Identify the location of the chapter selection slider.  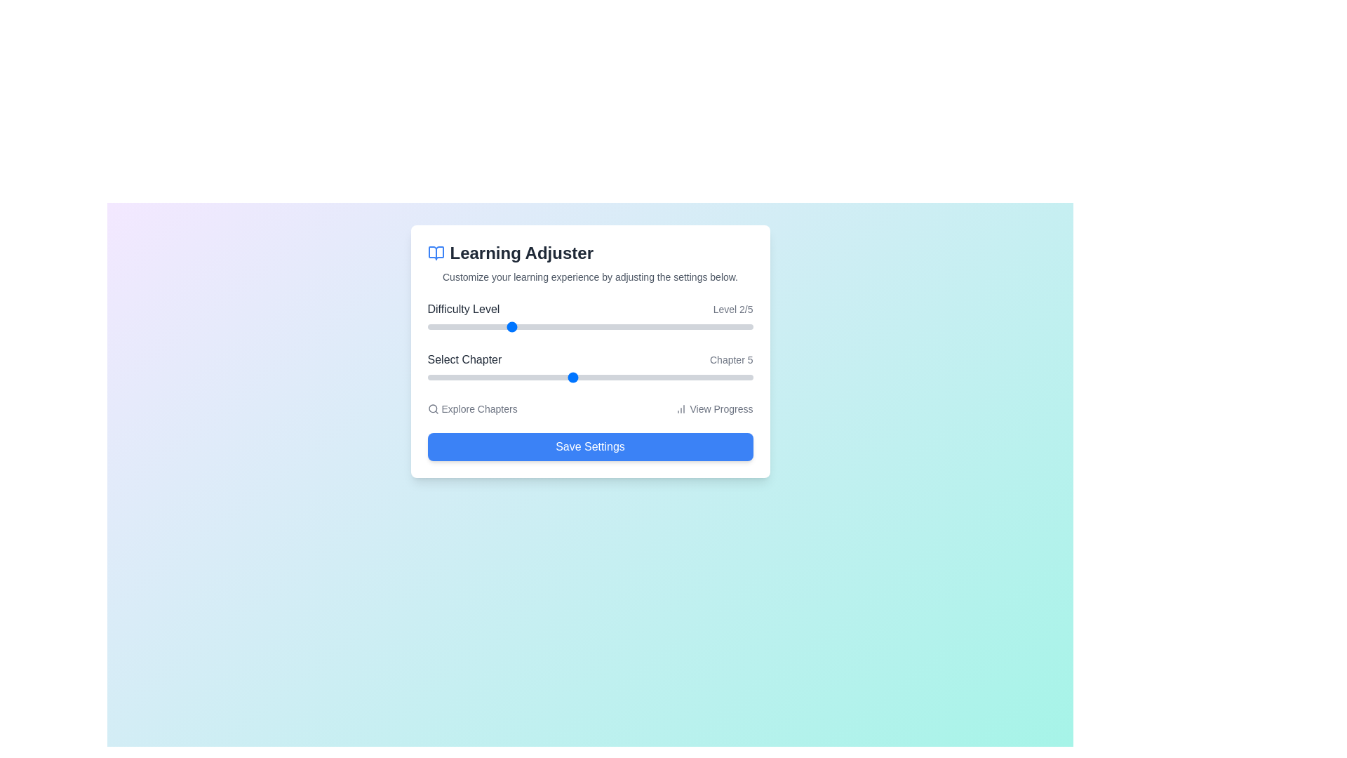
(535, 376).